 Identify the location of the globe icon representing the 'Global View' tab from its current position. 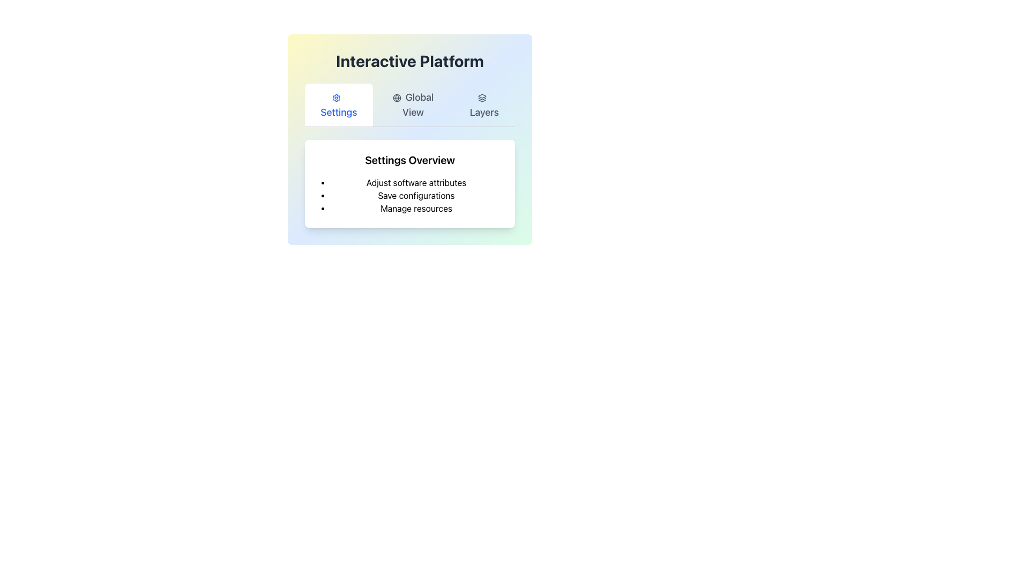
(396, 98).